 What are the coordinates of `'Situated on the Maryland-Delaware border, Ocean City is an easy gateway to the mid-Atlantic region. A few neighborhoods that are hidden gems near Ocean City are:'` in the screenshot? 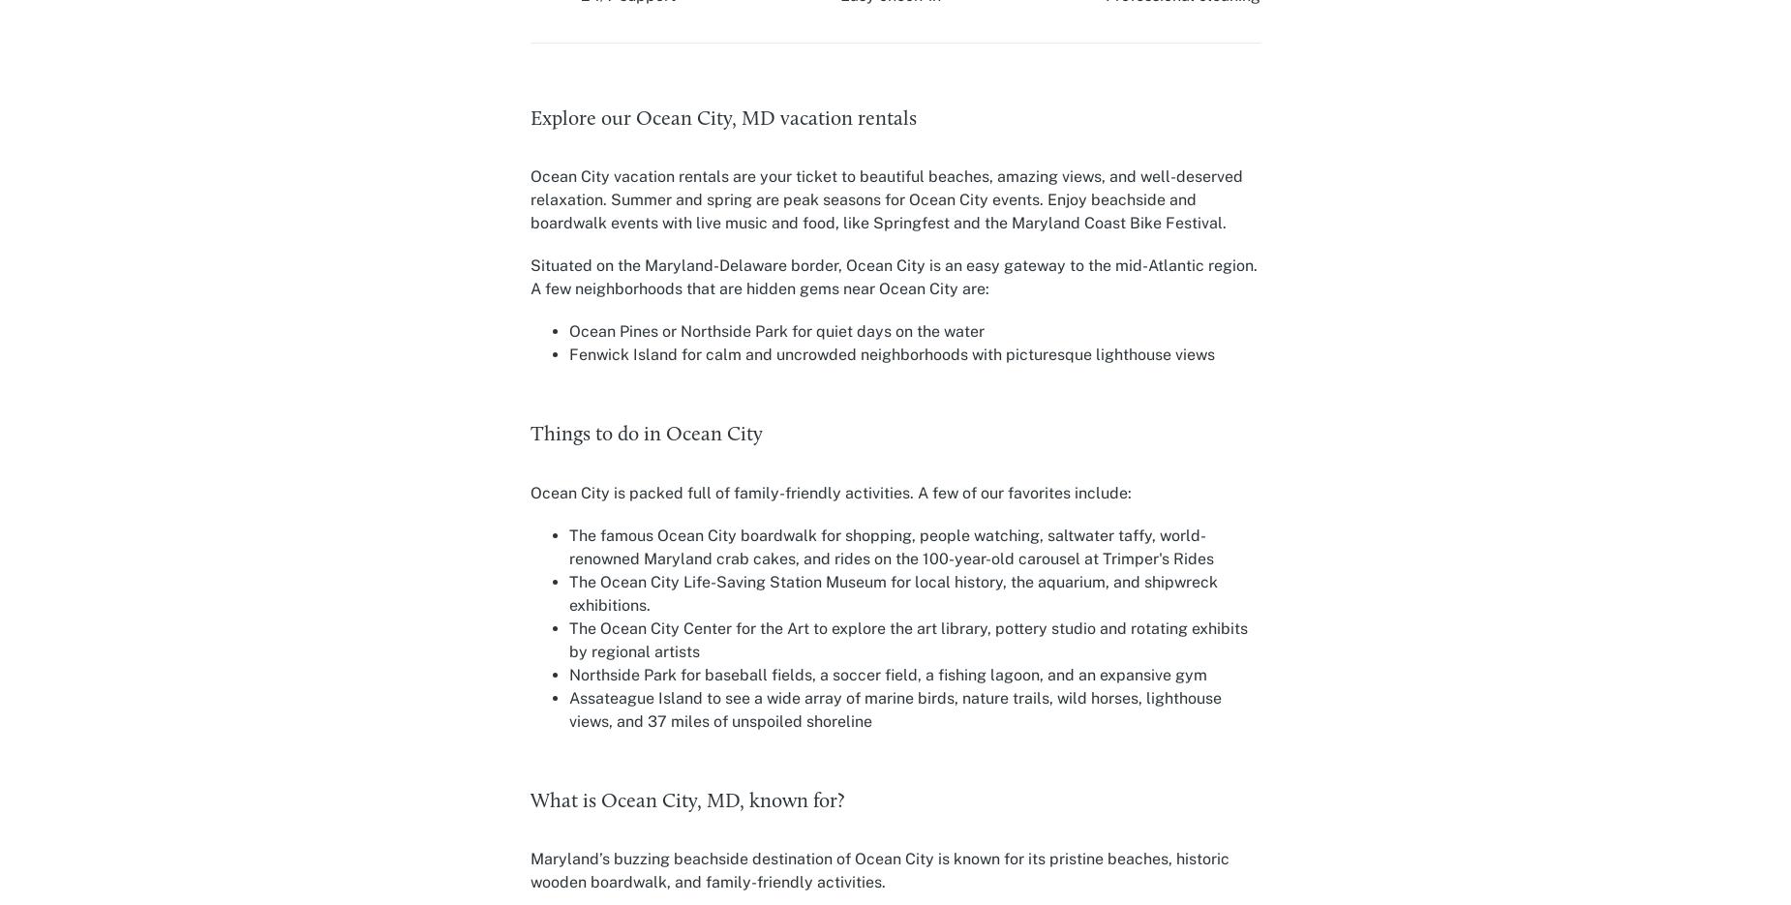 It's located at (530, 276).